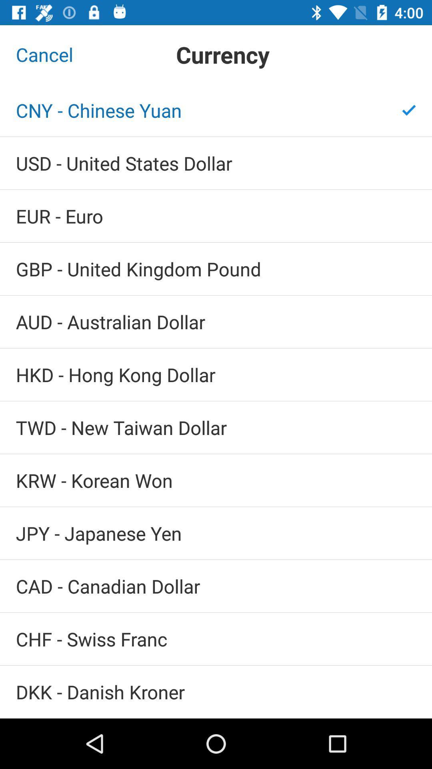  I want to click on icon below the cancel item, so click(216, 110).